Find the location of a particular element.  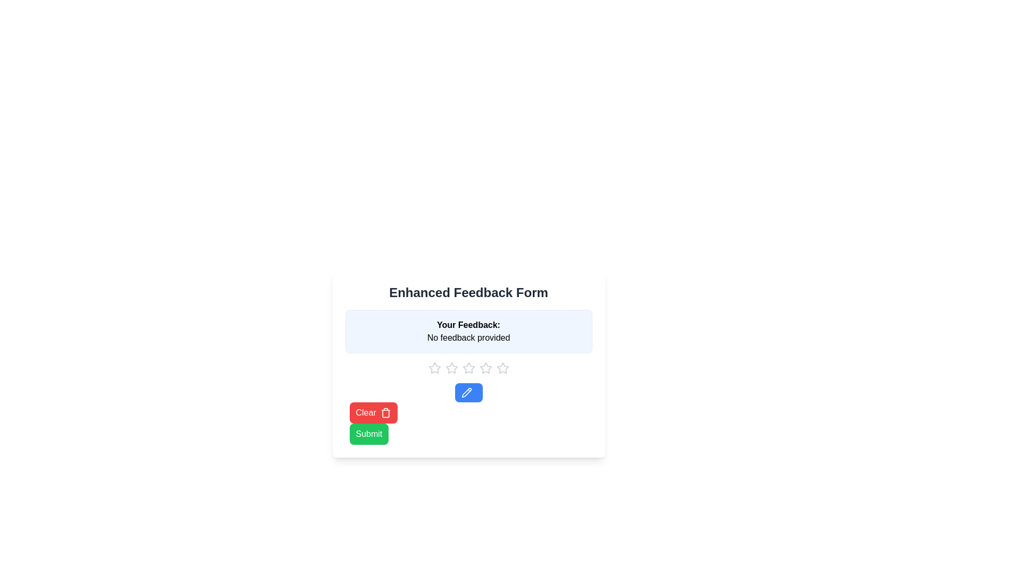

the 'Clear' button with a red background and white rounded borders is located at coordinates (373, 412).